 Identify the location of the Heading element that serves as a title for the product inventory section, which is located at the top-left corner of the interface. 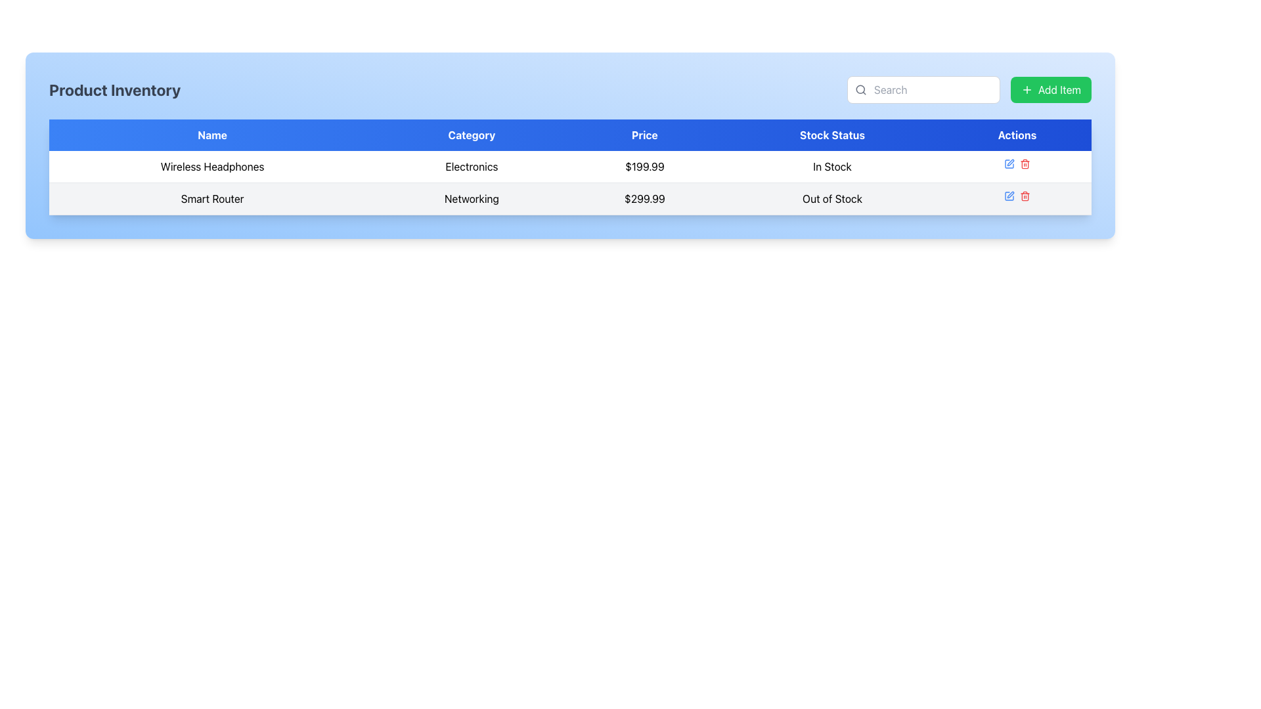
(115, 89).